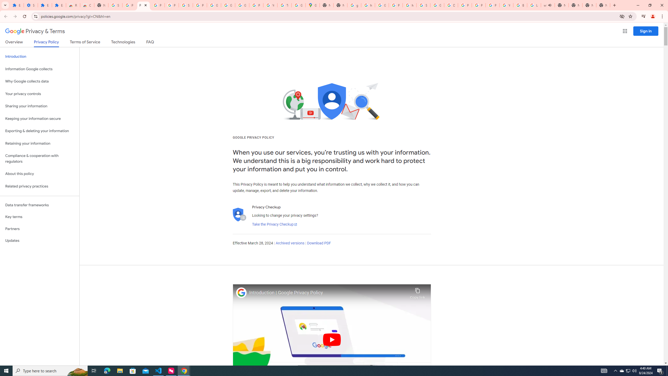 The height and width of the screenshot is (376, 668). Describe the element at coordinates (550, 5) in the screenshot. I see `'Mute tab'` at that location.